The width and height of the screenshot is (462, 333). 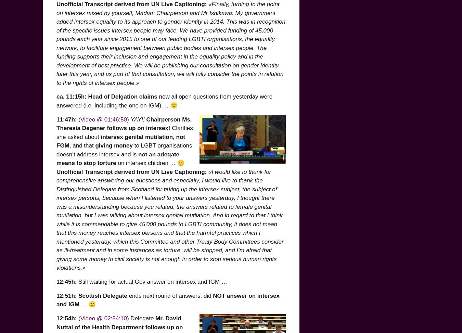 What do you see at coordinates (56, 43) in the screenshot?
I see `'«Finally, turning to the point on intersex raised by yourself, Madam Chairperson and Mr Ishikawa. My government added intersex equality to its approach to gender identity in 2014. This was in recognition of the specific issues intersex people may face. We have provided funding of 45,000 pounds each year since 2015 to one of our leading LGBTI organisations, the equality network, to facilitate engagement between public bodies and intersex people. The funding supports their inclusion and engagement in the equality policy and in the development of best practice. We will be publishing our consultation on gender identity later this year, and as part of that consultation, we will fully consider the points in relation to the rights of intersex people.»'` at bounding box center [56, 43].